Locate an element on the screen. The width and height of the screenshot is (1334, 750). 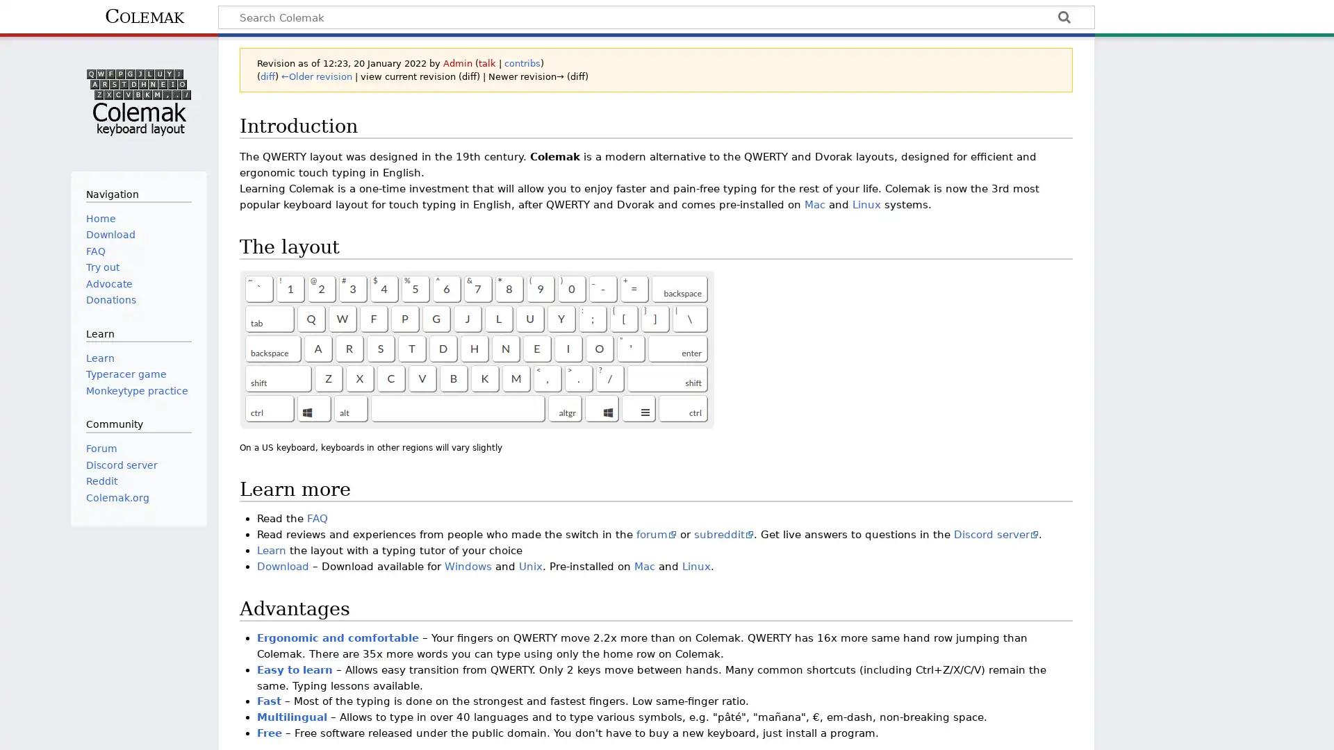
Search is located at coordinates (1063, 19).